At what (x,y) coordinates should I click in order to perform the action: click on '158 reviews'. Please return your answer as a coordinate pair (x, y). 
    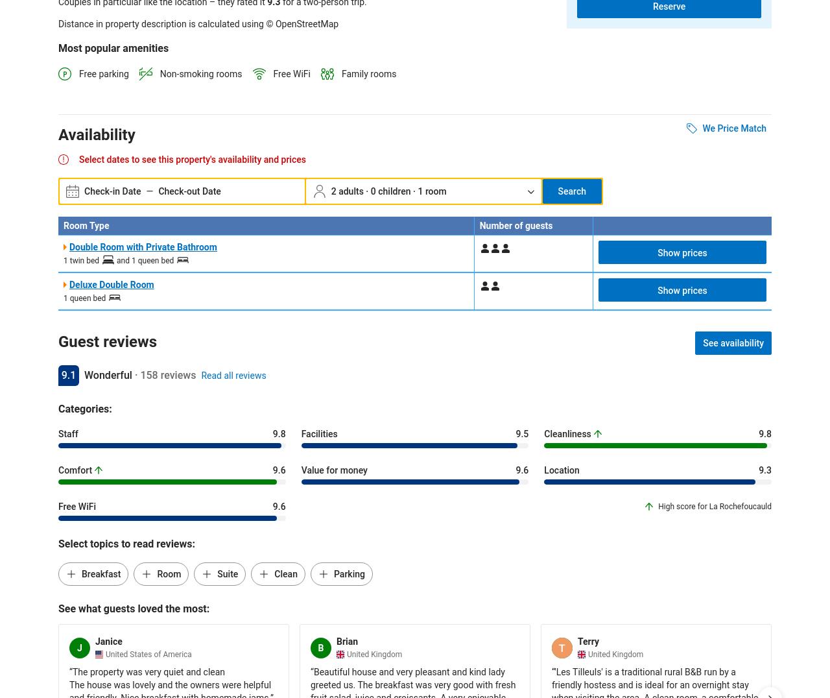
    Looking at the image, I should click on (167, 374).